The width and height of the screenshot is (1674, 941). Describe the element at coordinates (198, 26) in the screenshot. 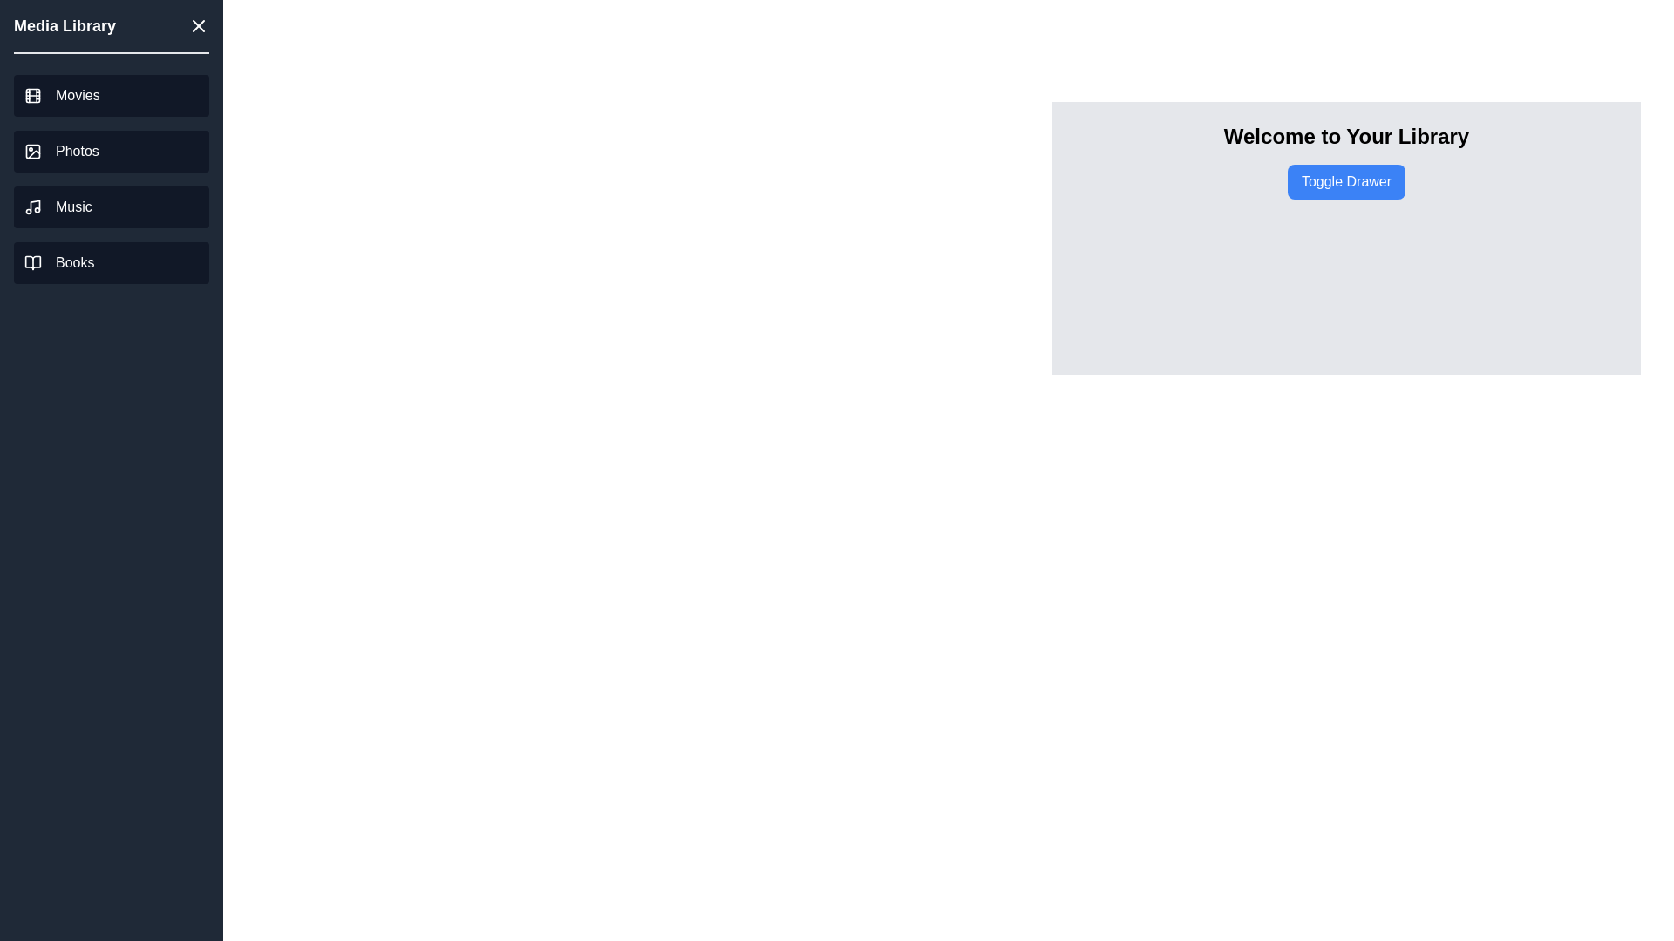

I see `the 'X' button to toggle the drawer visibility` at that location.